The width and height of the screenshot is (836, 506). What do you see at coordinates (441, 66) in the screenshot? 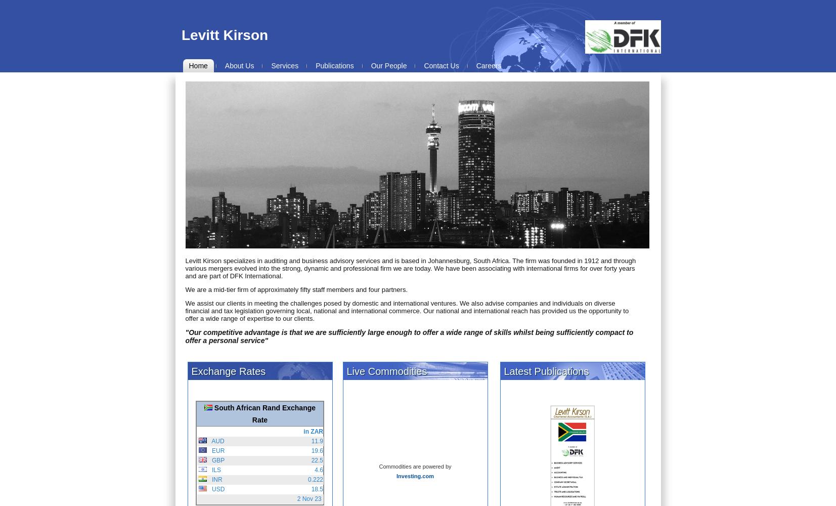
I see `'Contact Us'` at bounding box center [441, 66].